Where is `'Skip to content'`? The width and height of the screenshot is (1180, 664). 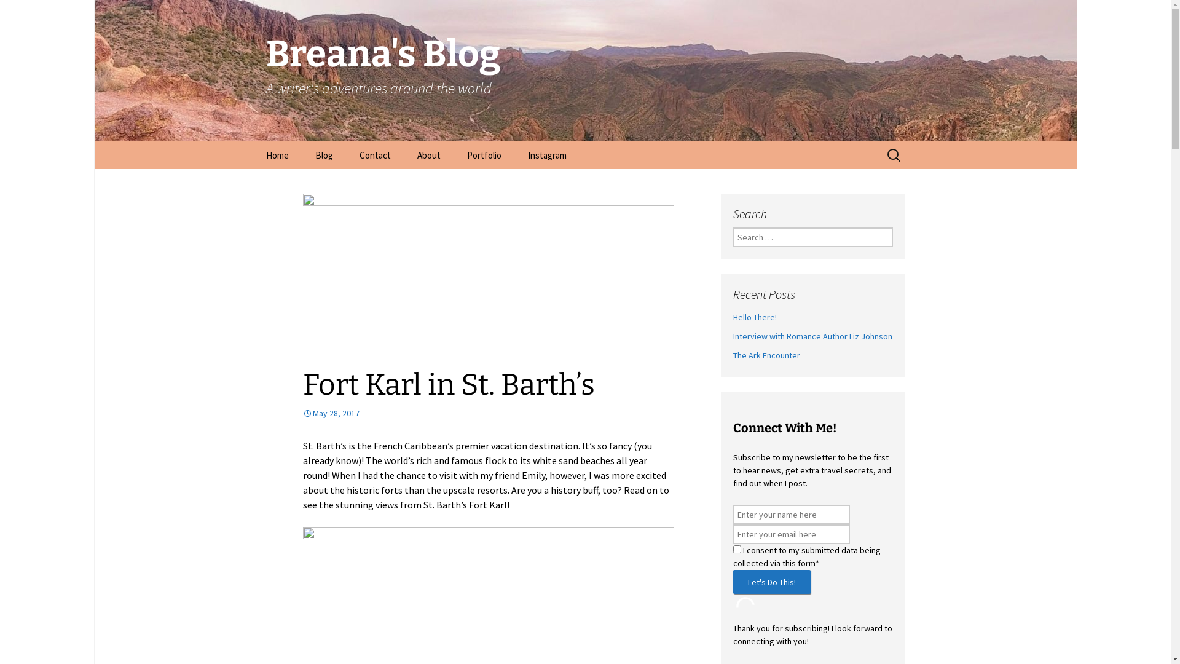 'Skip to content' is located at coordinates (253, 140).